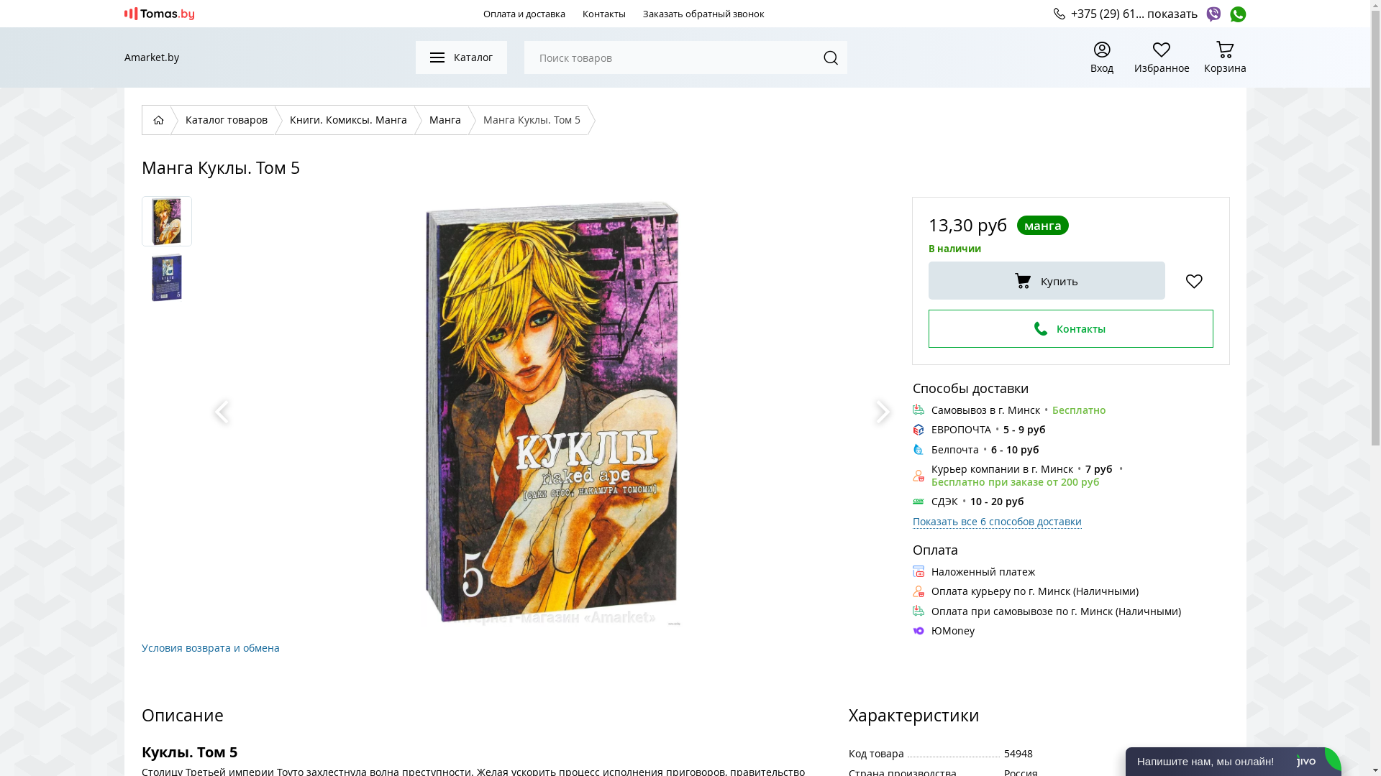 The image size is (1381, 776). Describe the element at coordinates (1236, 14) in the screenshot. I see `'WhatsApp'` at that location.